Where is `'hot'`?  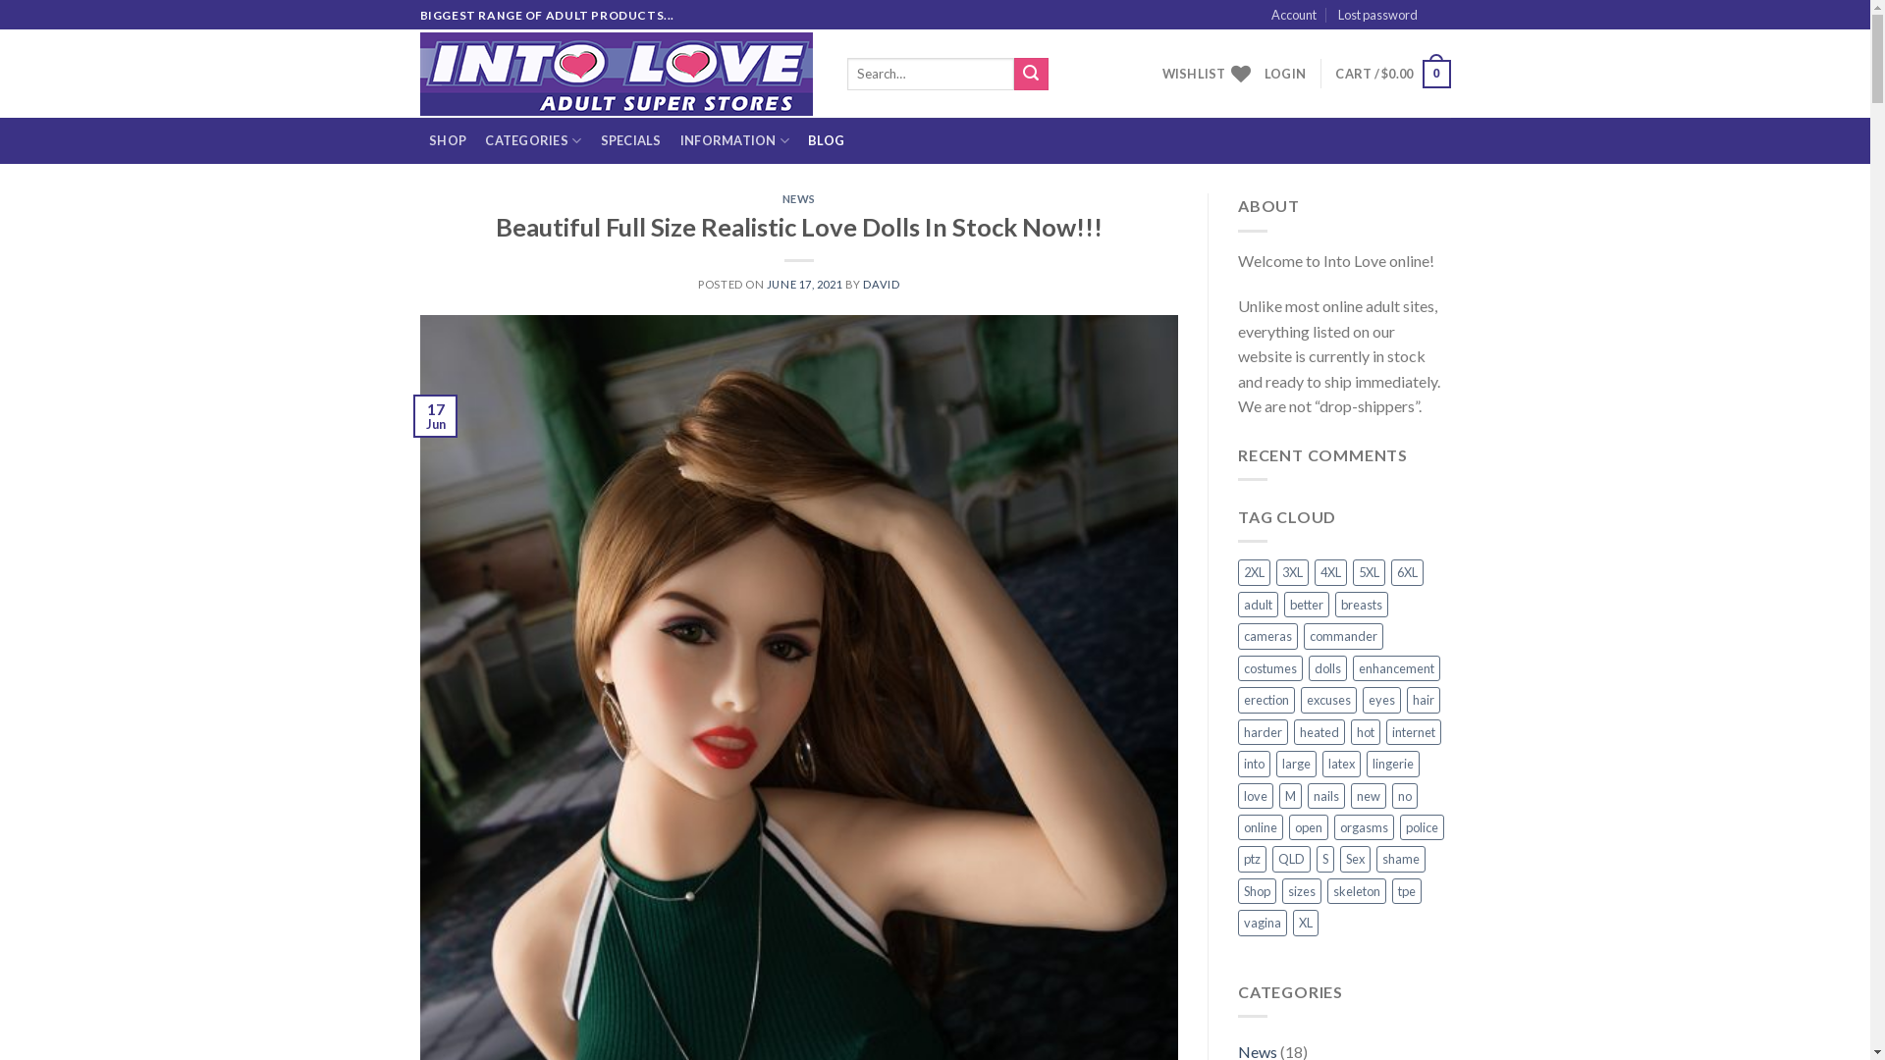
'hot' is located at coordinates (1350, 731).